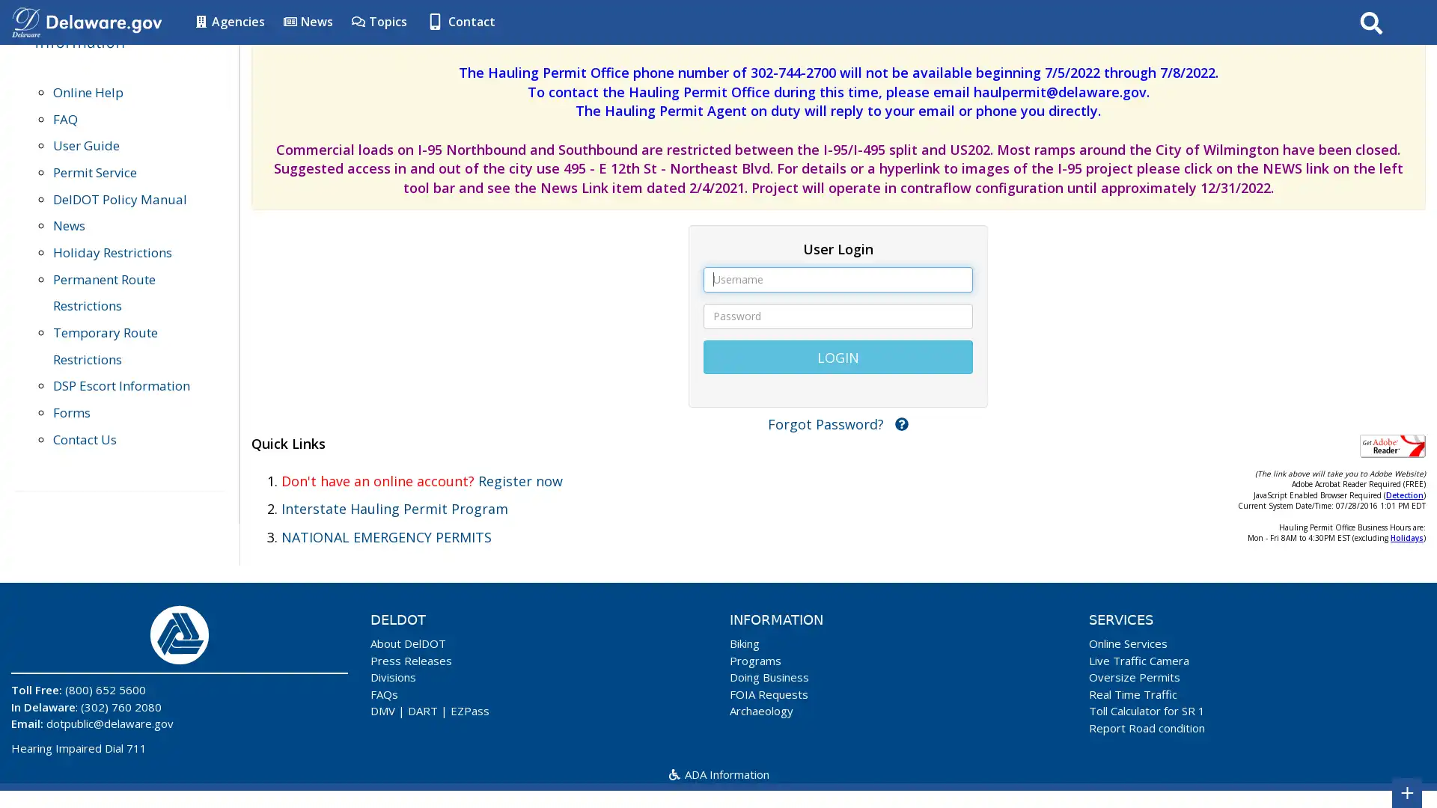  Describe the element at coordinates (1371, 22) in the screenshot. I see `Search` at that location.